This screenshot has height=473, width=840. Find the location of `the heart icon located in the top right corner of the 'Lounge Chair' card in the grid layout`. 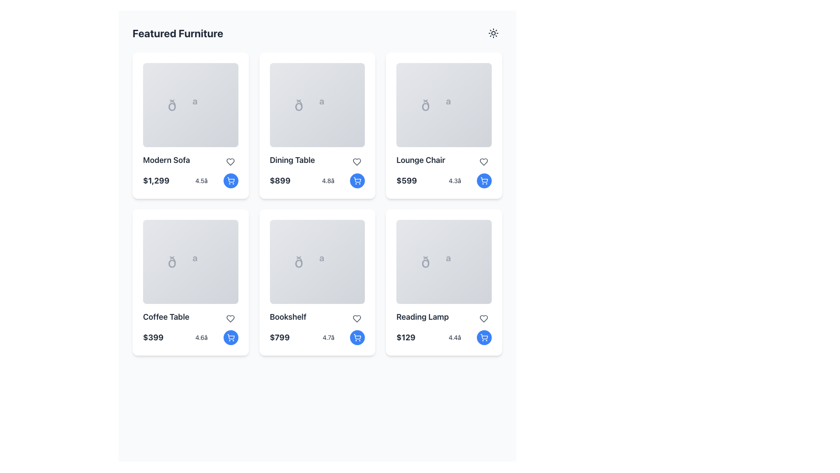

the heart icon located in the top right corner of the 'Lounge Chair' card in the grid layout is located at coordinates (483, 162).